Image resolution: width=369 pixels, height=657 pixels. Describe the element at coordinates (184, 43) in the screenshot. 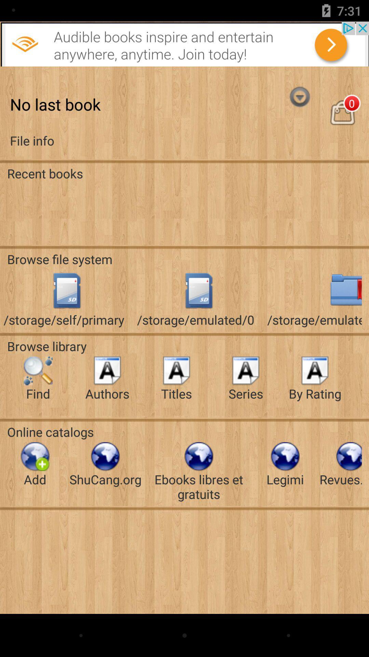

I see `advertisement page` at that location.